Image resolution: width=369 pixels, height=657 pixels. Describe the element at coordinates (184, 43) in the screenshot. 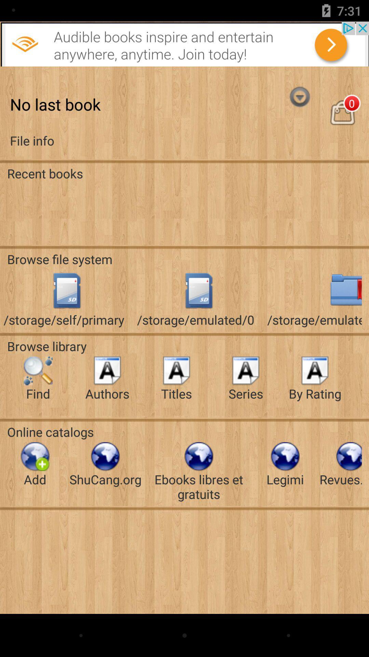

I see `advertisement page` at that location.